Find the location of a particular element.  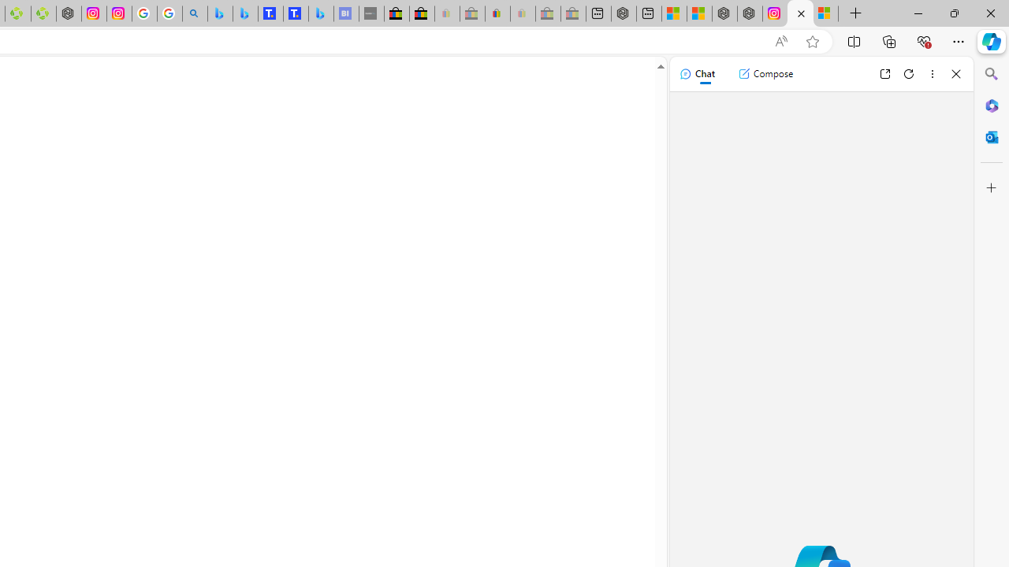

'Descarga Driver Updater' is located at coordinates (43, 13).